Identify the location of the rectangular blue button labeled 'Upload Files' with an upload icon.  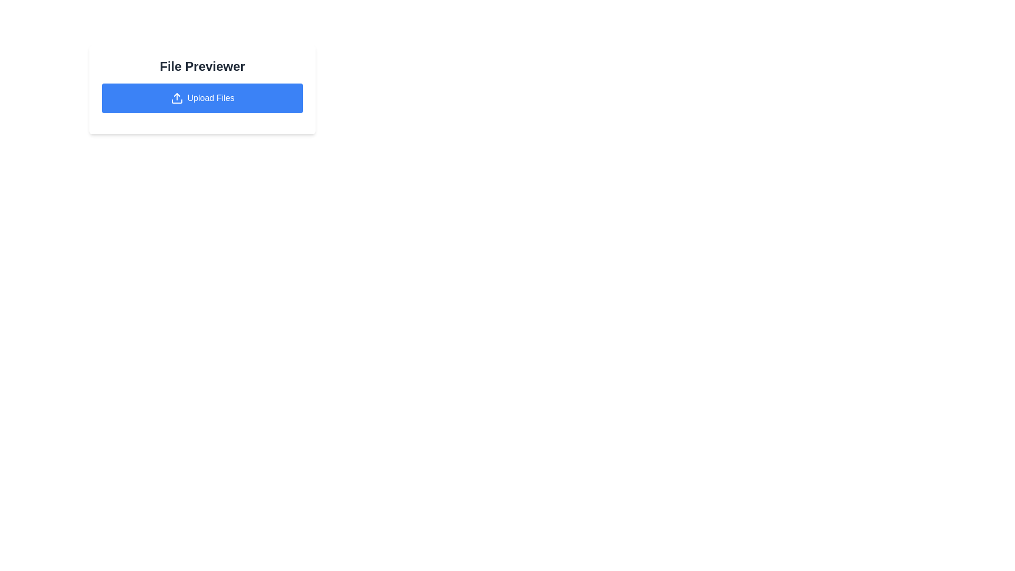
(202, 98).